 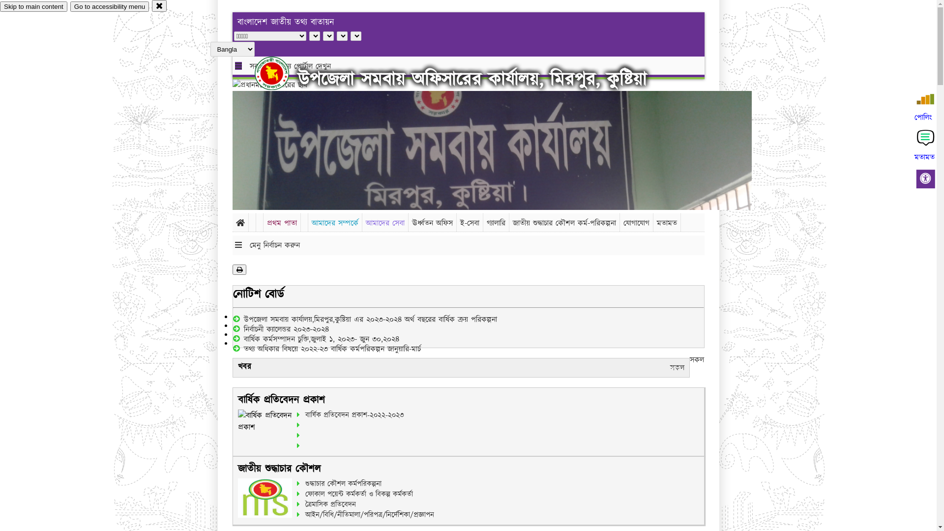 I want to click on 'Skip to main content', so click(x=0, y=6).